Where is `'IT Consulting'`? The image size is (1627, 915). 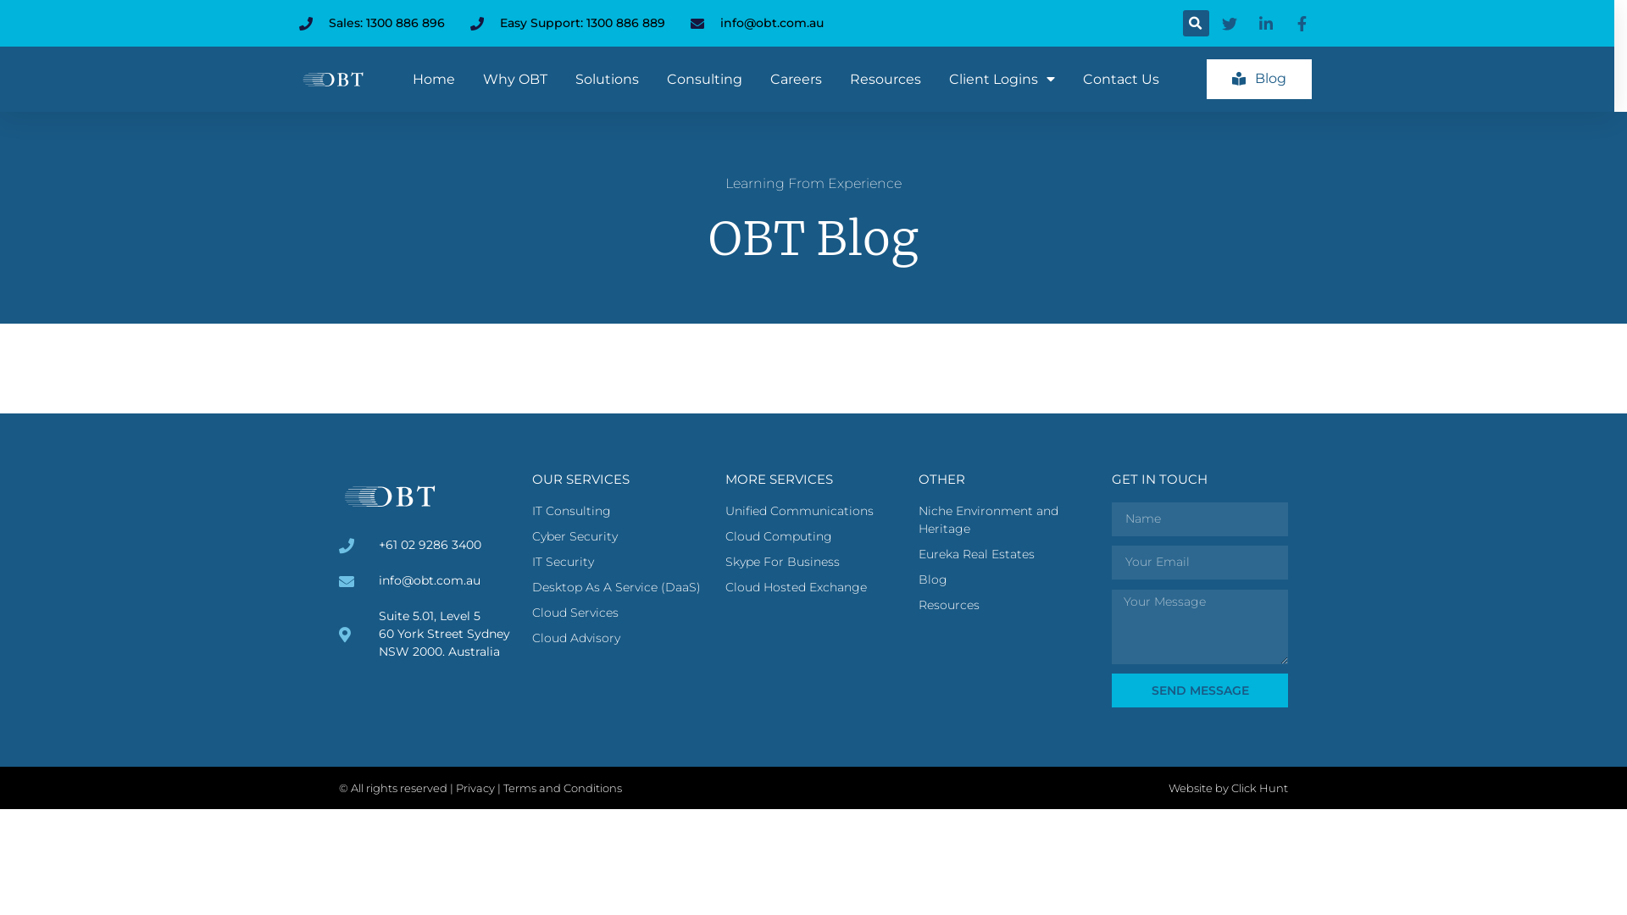
'IT Consulting' is located at coordinates (531, 510).